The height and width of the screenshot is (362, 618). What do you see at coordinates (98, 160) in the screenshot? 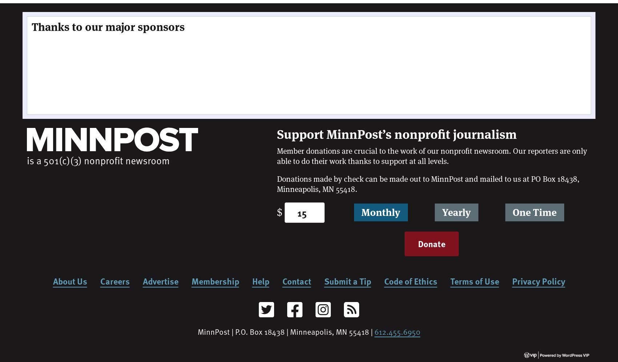
I see `'is a 501(c)(3) nonprofit newsroom'` at bounding box center [98, 160].